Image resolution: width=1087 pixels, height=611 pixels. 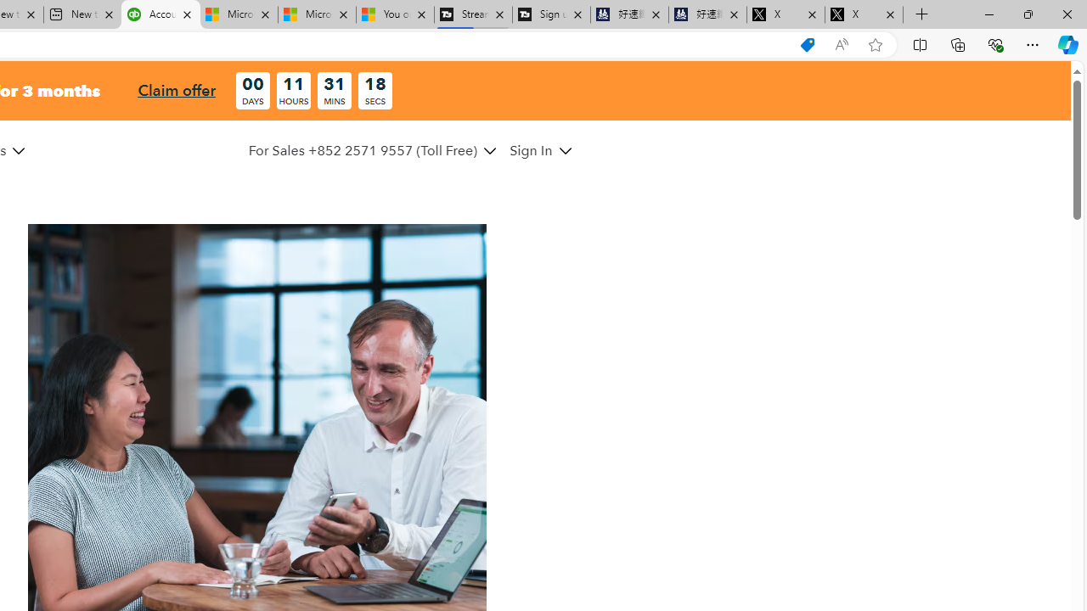 I want to click on 'New tab', so click(x=82, y=14).